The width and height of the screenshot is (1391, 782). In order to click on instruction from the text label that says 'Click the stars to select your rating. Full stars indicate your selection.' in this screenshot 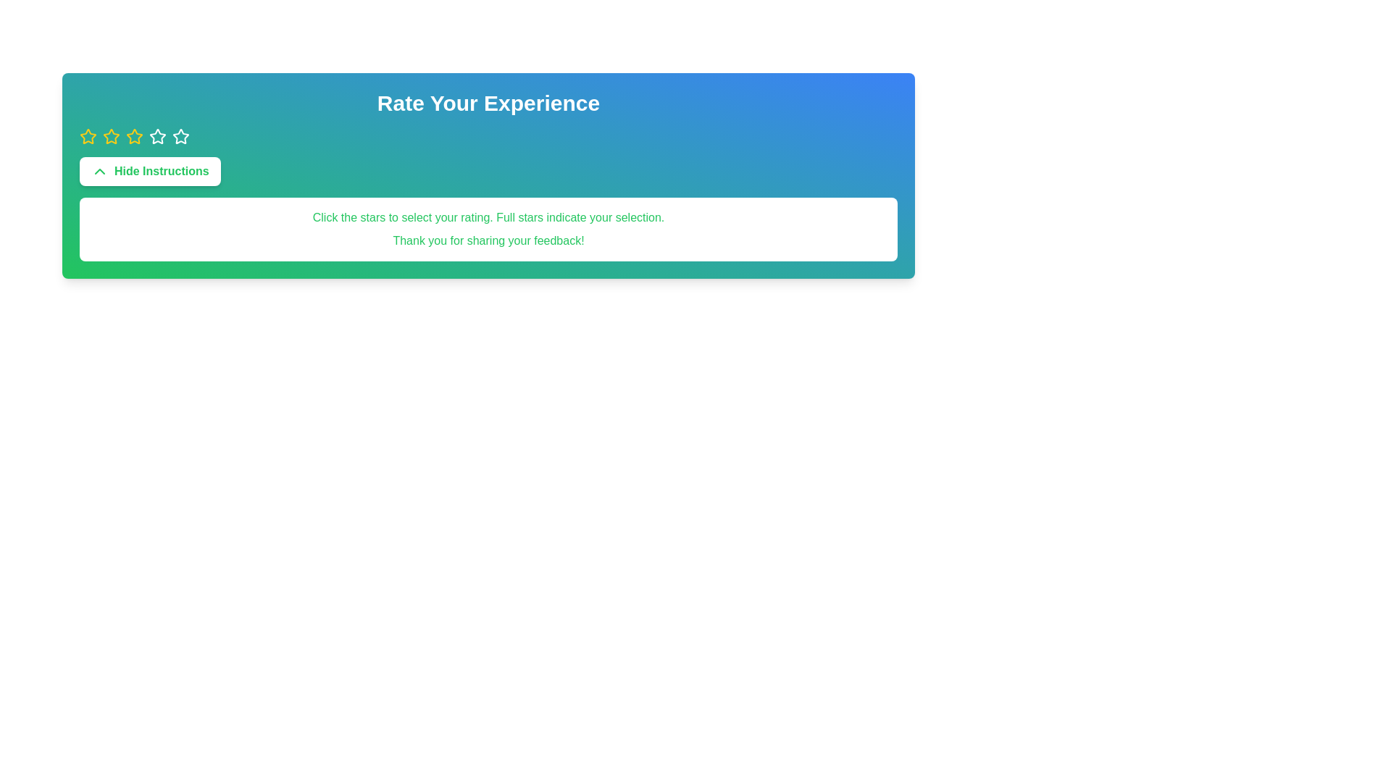, I will do `click(488, 217)`.